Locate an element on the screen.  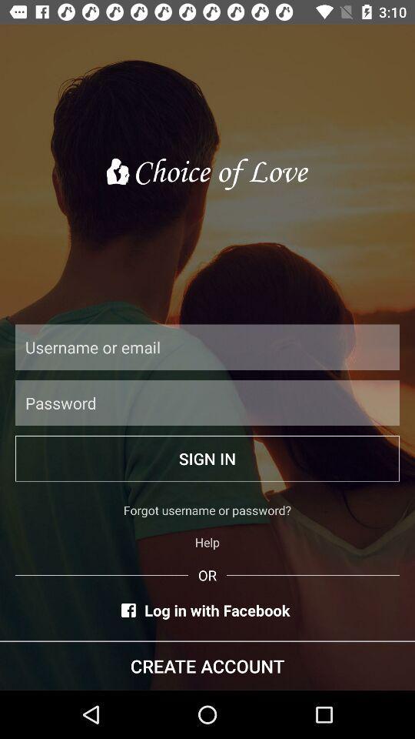
username or email is located at coordinates (207, 347).